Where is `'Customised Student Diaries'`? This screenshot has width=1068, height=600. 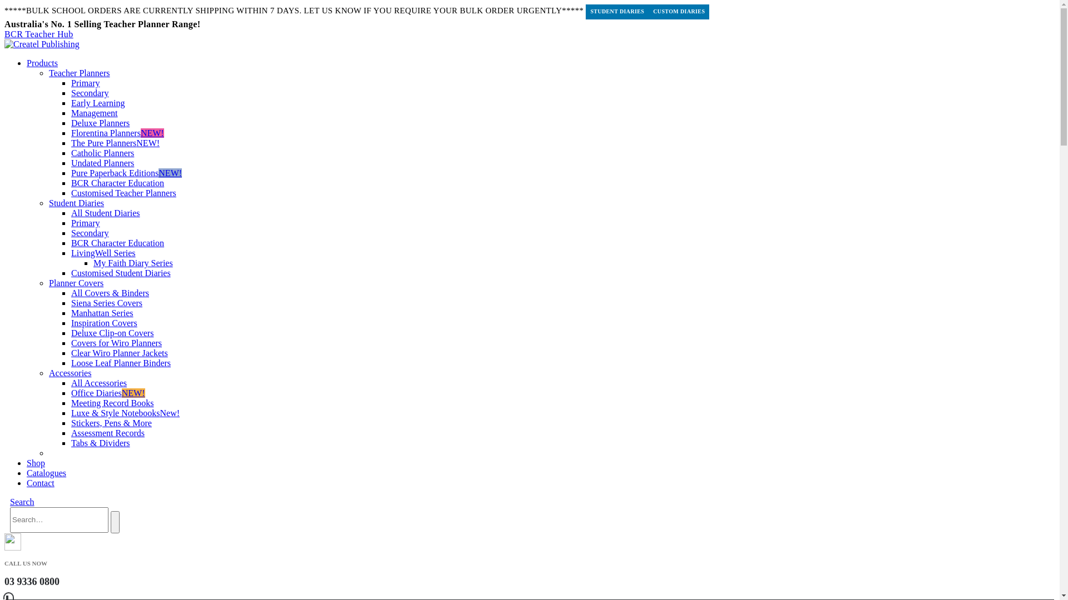
'Customised Student Diaries' is located at coordinates (71, 273).